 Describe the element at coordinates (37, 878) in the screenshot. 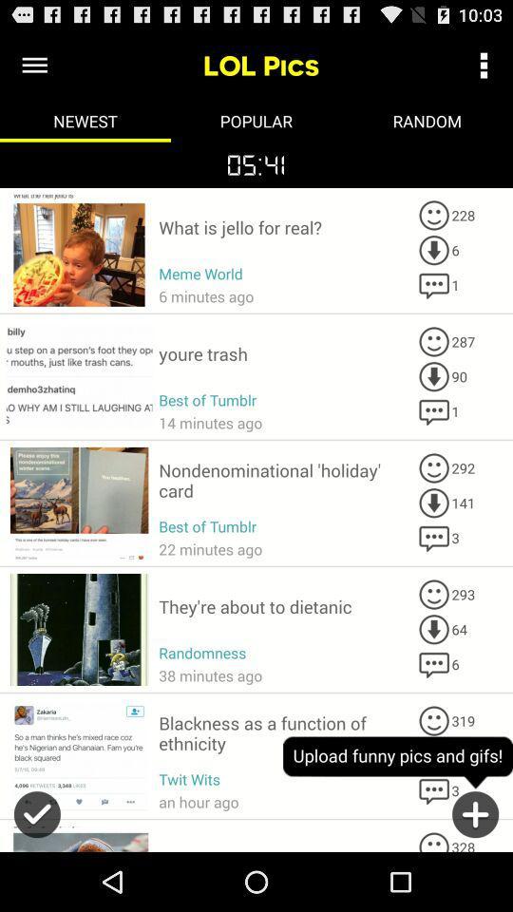

I see `the check icon` at that location.